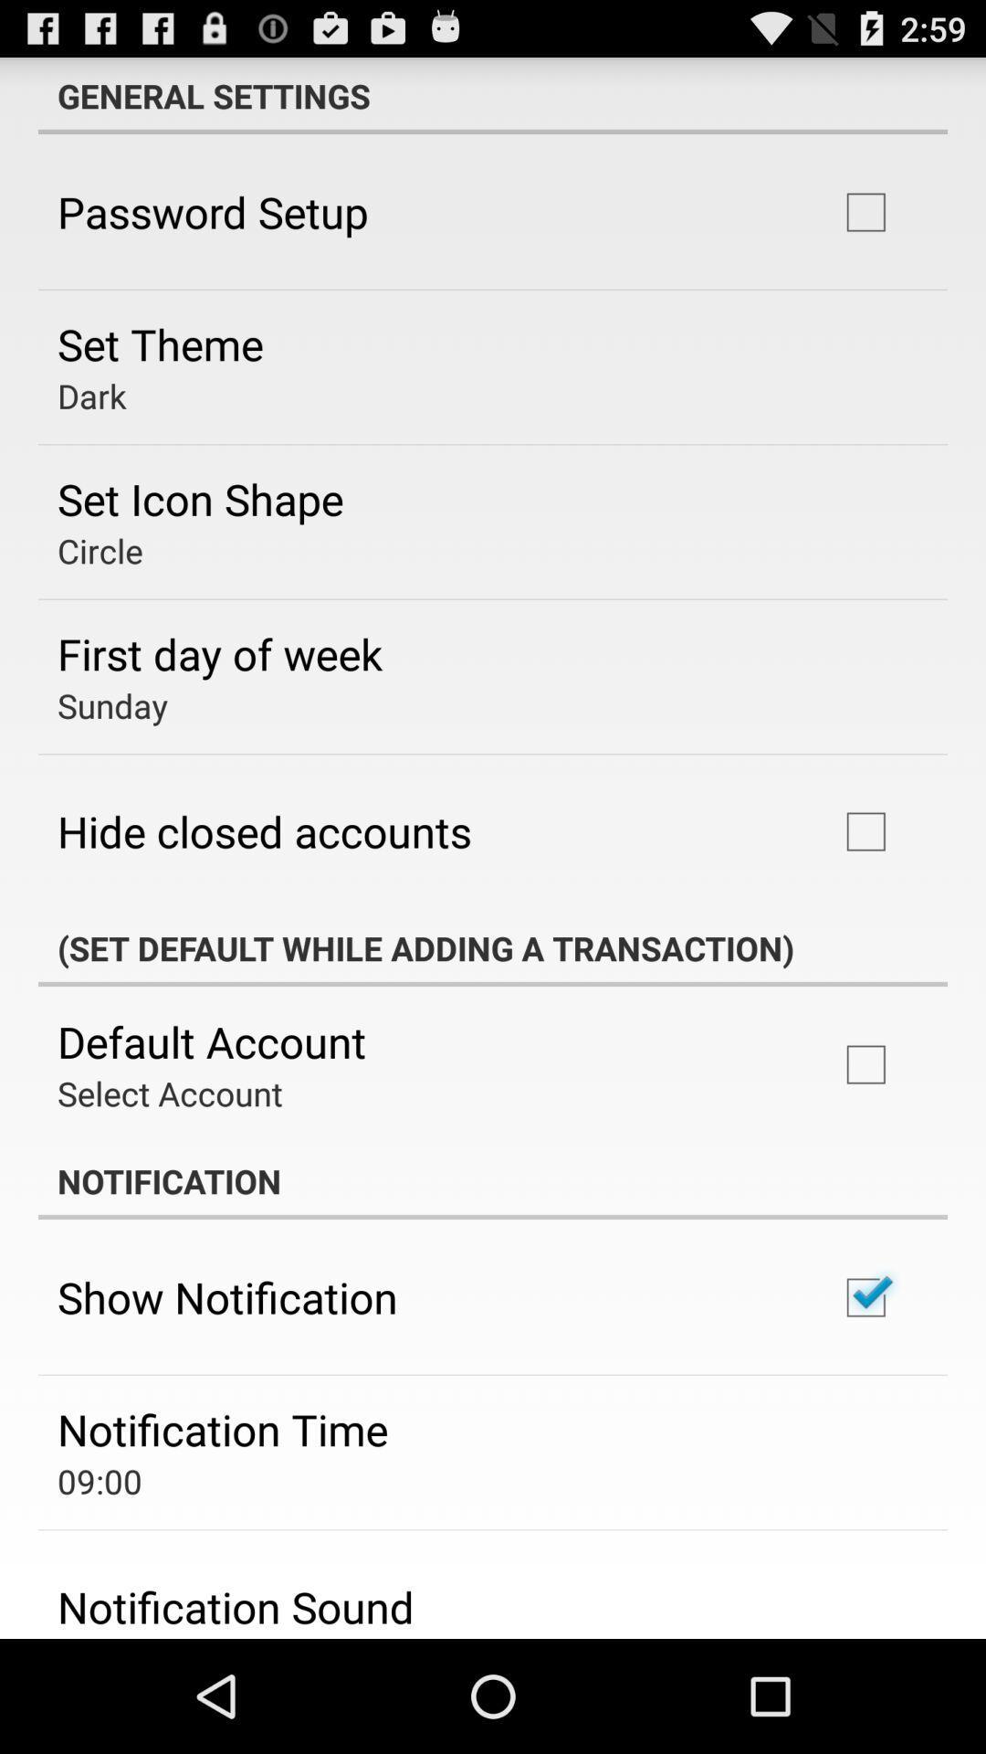 The height and width of the screenshot is (1754, 986). What do you see at coordinates (226, 1296) in the screenshot?
I see `the show notification app` at bounding box center [226, 1296].